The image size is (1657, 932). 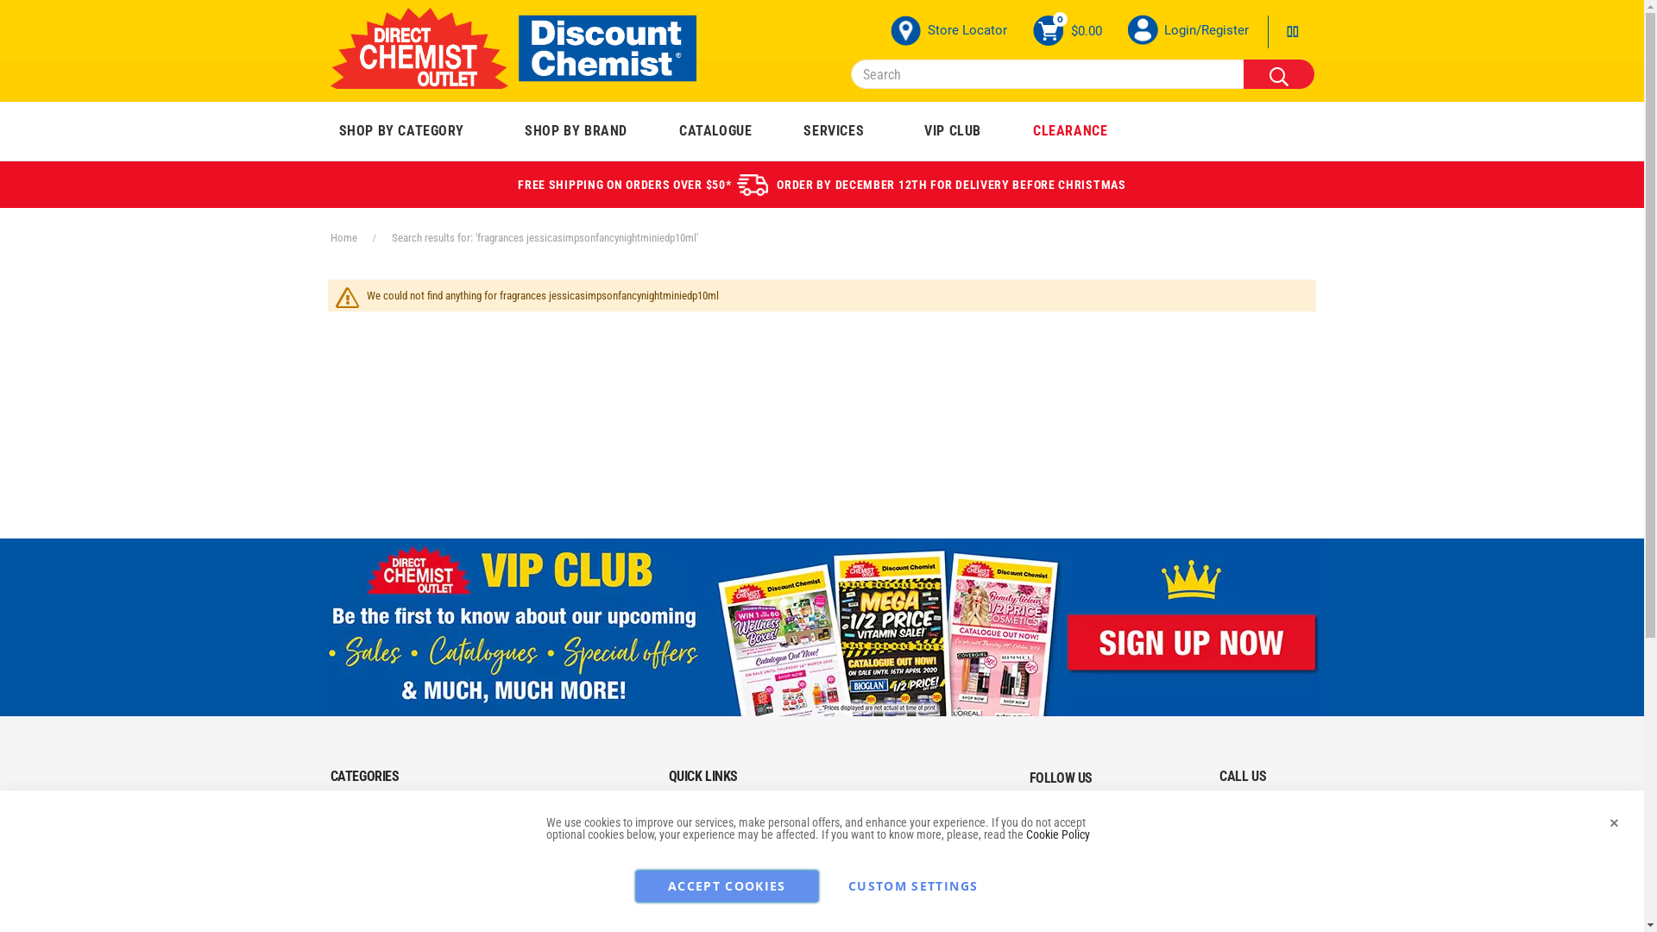 What do you see at coordinates (1066, 30) in the screenshot?
I see `'0` at bounding box center [1066, 30].